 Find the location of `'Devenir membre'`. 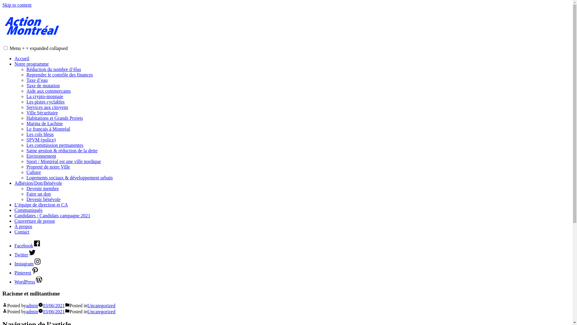

'Devenir membre' is located at coordinates (26, 188).